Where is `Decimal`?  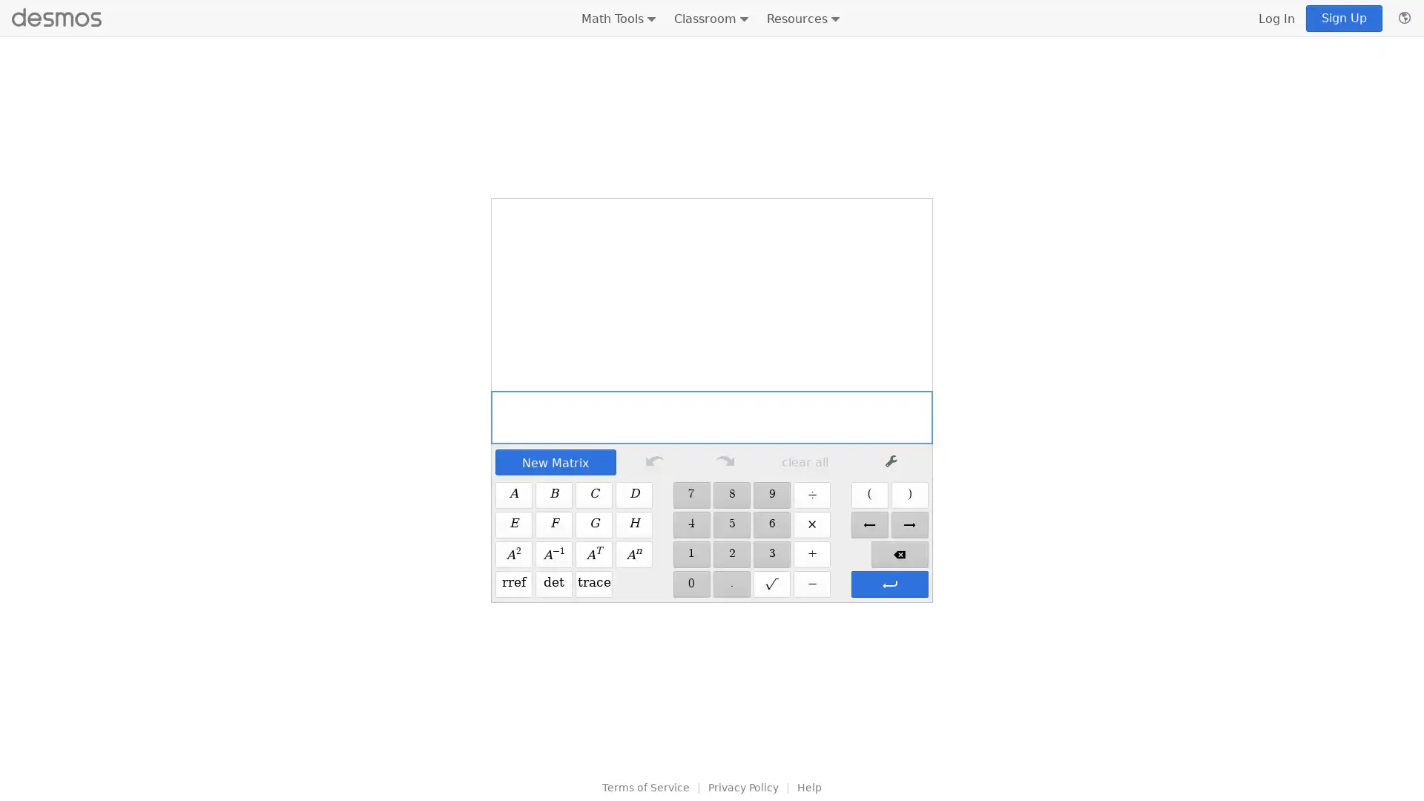
Decimal is located at coordinates (731, 583).